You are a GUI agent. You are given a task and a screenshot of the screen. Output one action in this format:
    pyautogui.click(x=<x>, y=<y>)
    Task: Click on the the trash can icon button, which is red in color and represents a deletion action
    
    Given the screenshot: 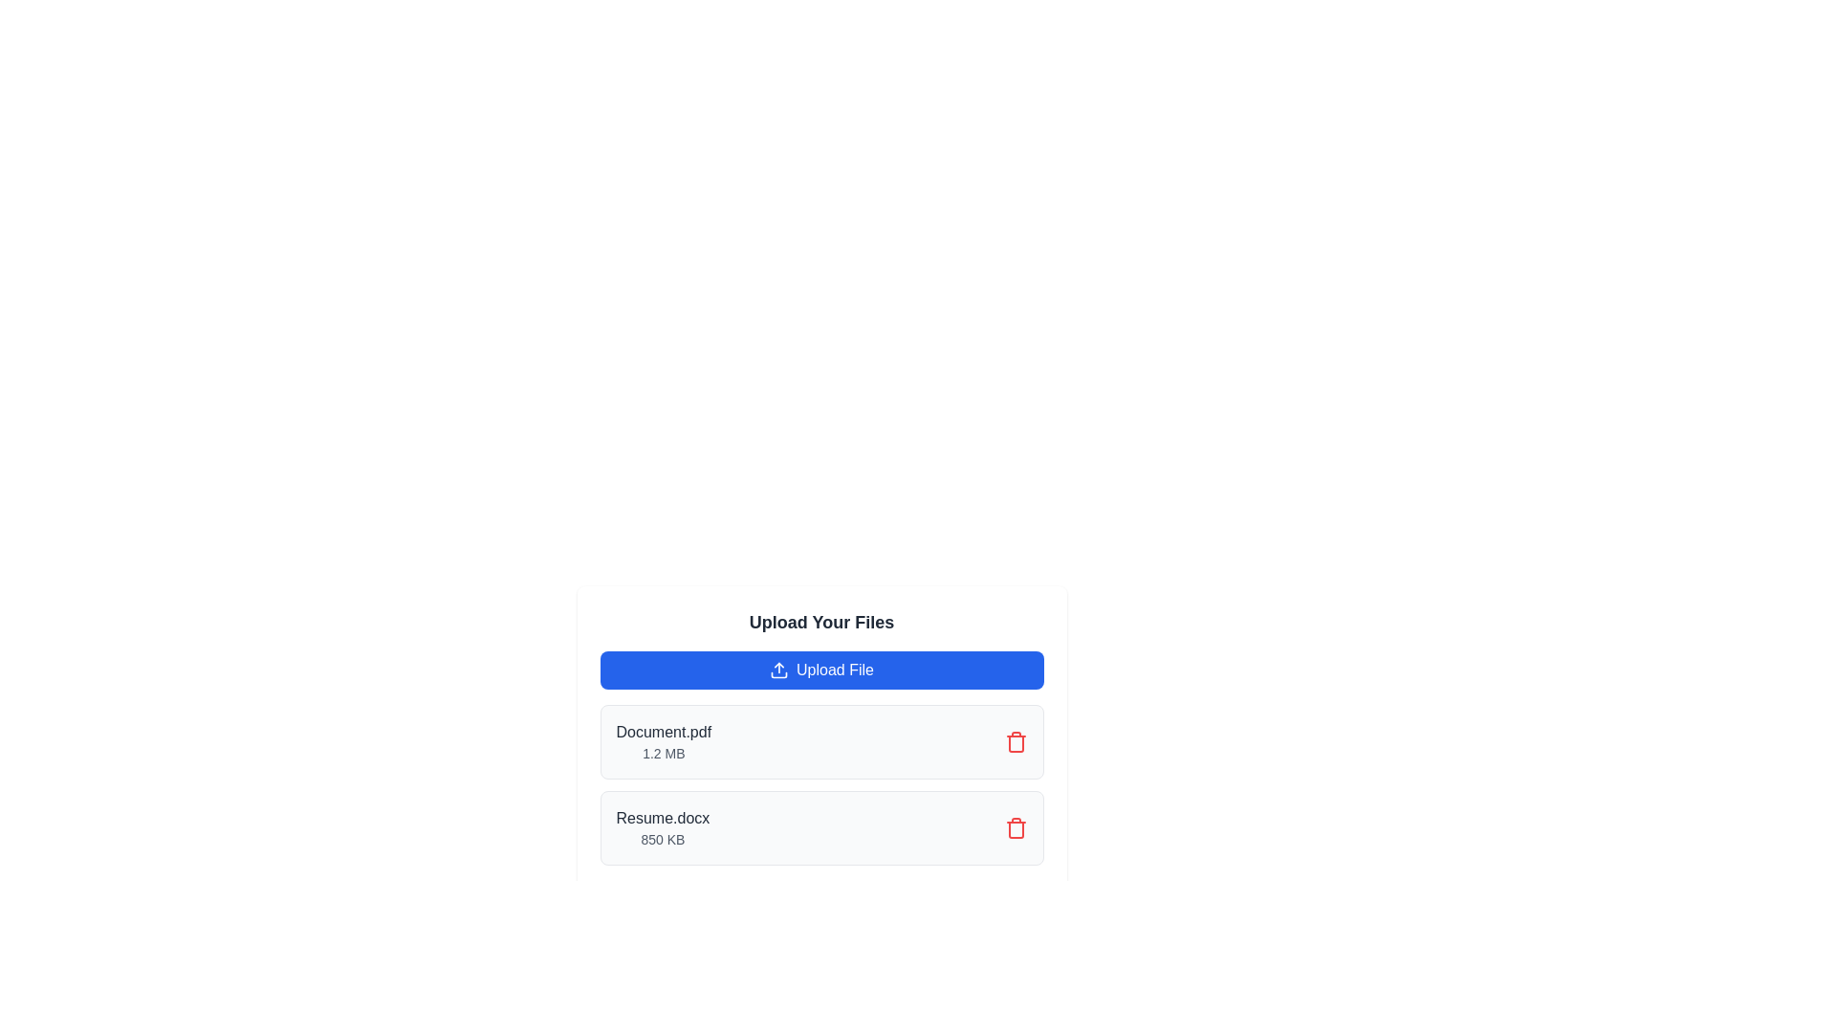 What is the action you would take?
    pyautogui.click(x=1015, y=740)
    